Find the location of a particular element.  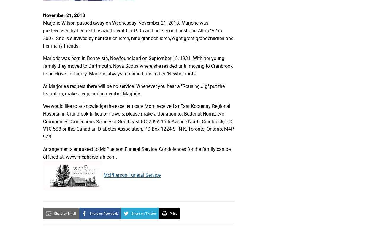

'Share by Email' is located at coordinates (65, 213).